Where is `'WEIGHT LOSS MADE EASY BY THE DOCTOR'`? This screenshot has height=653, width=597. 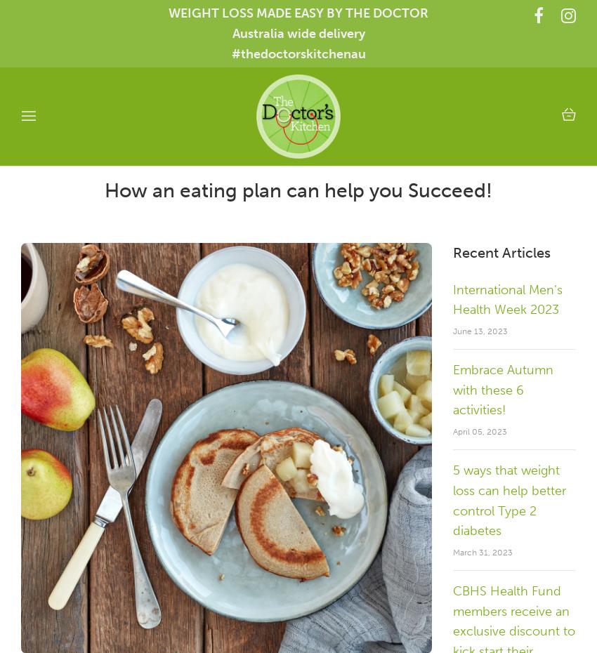
'WEIGHT LOSS MADE EASY BY THE DOCTOR' is located at coordinates (298, 12).